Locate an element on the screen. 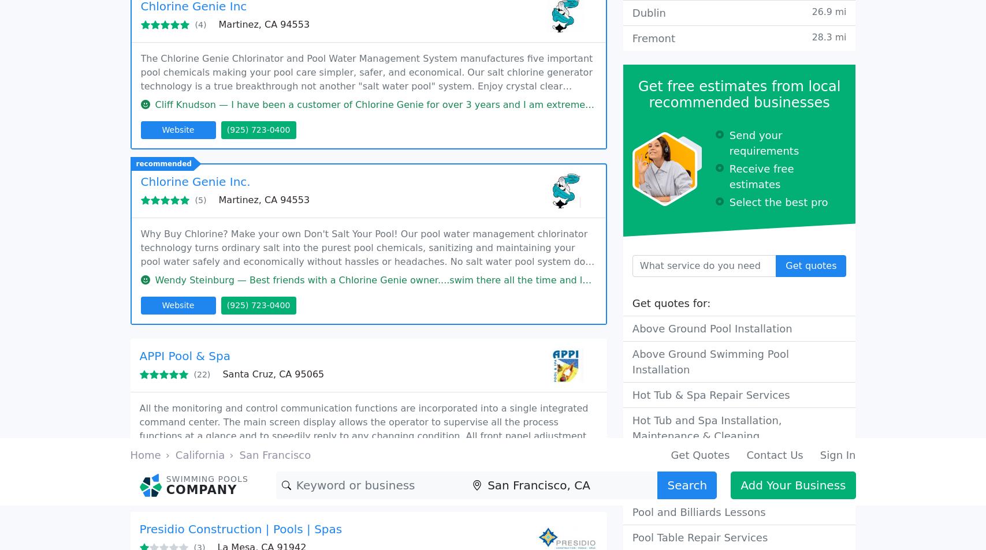  'Pool JR is a pool service company for home owners and commerical properties. Our services range from monthly services to critical pool repairs. We've solved lots of pool related issues for our pool owners and families. Contact us today and be a part of it. Part of our cleaning services are Acid Wash, Plastering, Tile Repair and Clean, Drains, Filter Cleans, Pump repairs and Vacuum services.

Regular' is located at coordinates (367, 85).